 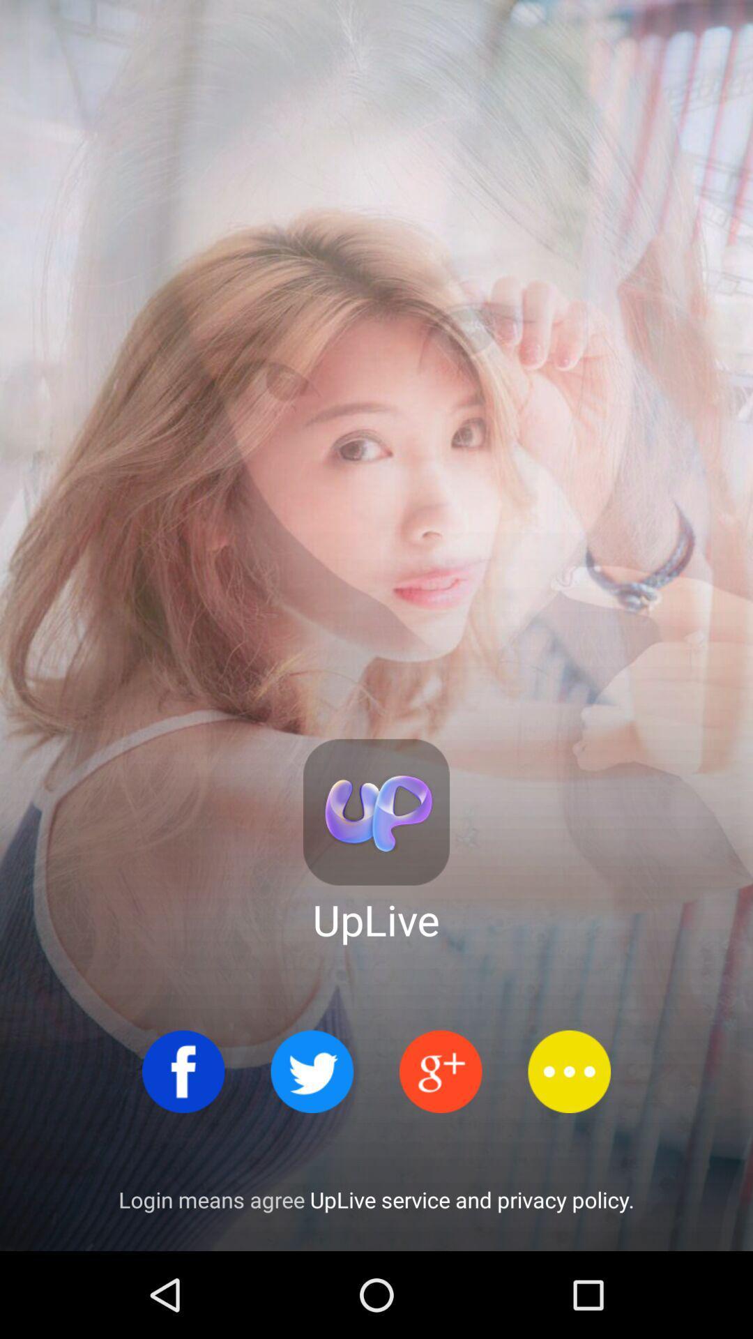 What do you see at coordinates (441, 1071) in the screenshot?
I see `the group icon` at bounding box center [441, 1071].